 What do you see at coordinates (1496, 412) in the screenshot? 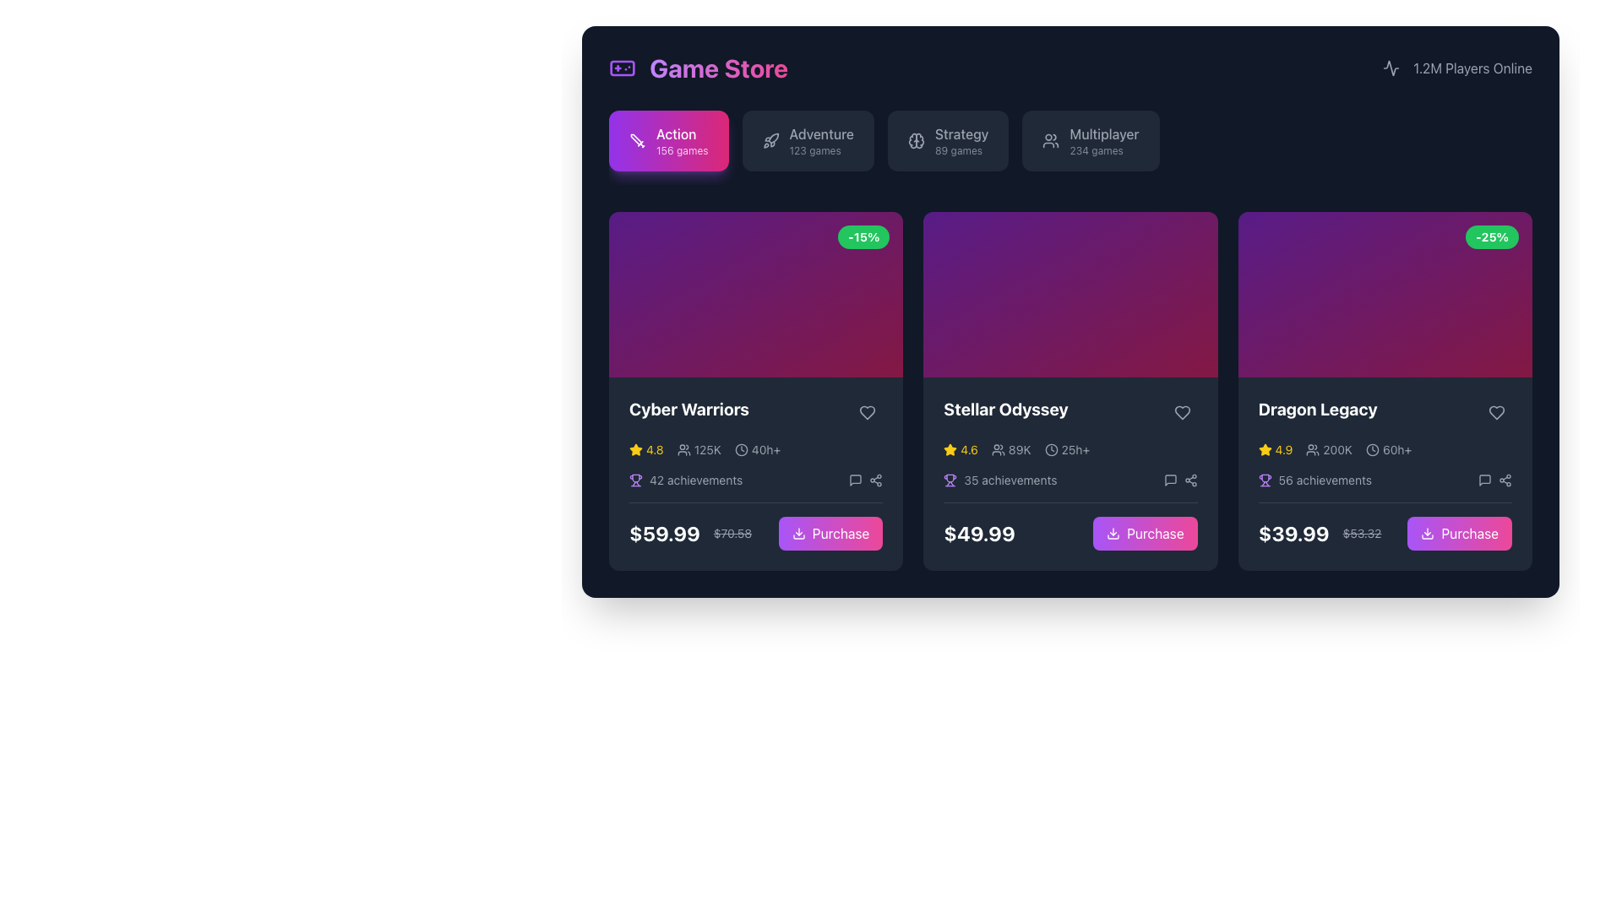
I see `the heart-shaped icon within the interactive button located in the upper-right corner of the 'Dragon Legacy' card to favorite the item` at bounding box center [1496, 412].